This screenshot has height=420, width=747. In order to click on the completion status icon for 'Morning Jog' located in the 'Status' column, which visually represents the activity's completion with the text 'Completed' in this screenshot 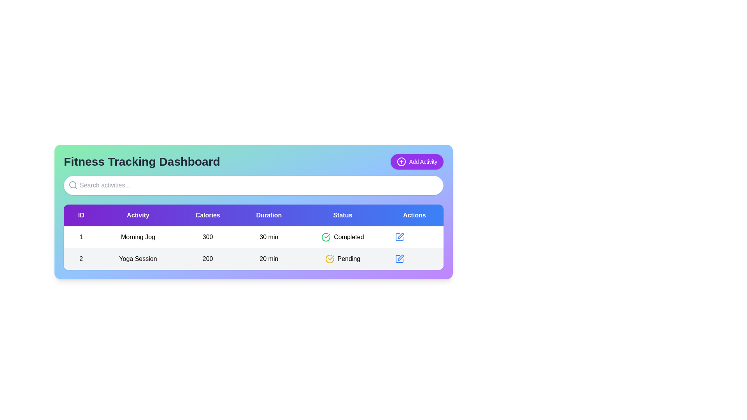, I will do `click(326, 236)`.